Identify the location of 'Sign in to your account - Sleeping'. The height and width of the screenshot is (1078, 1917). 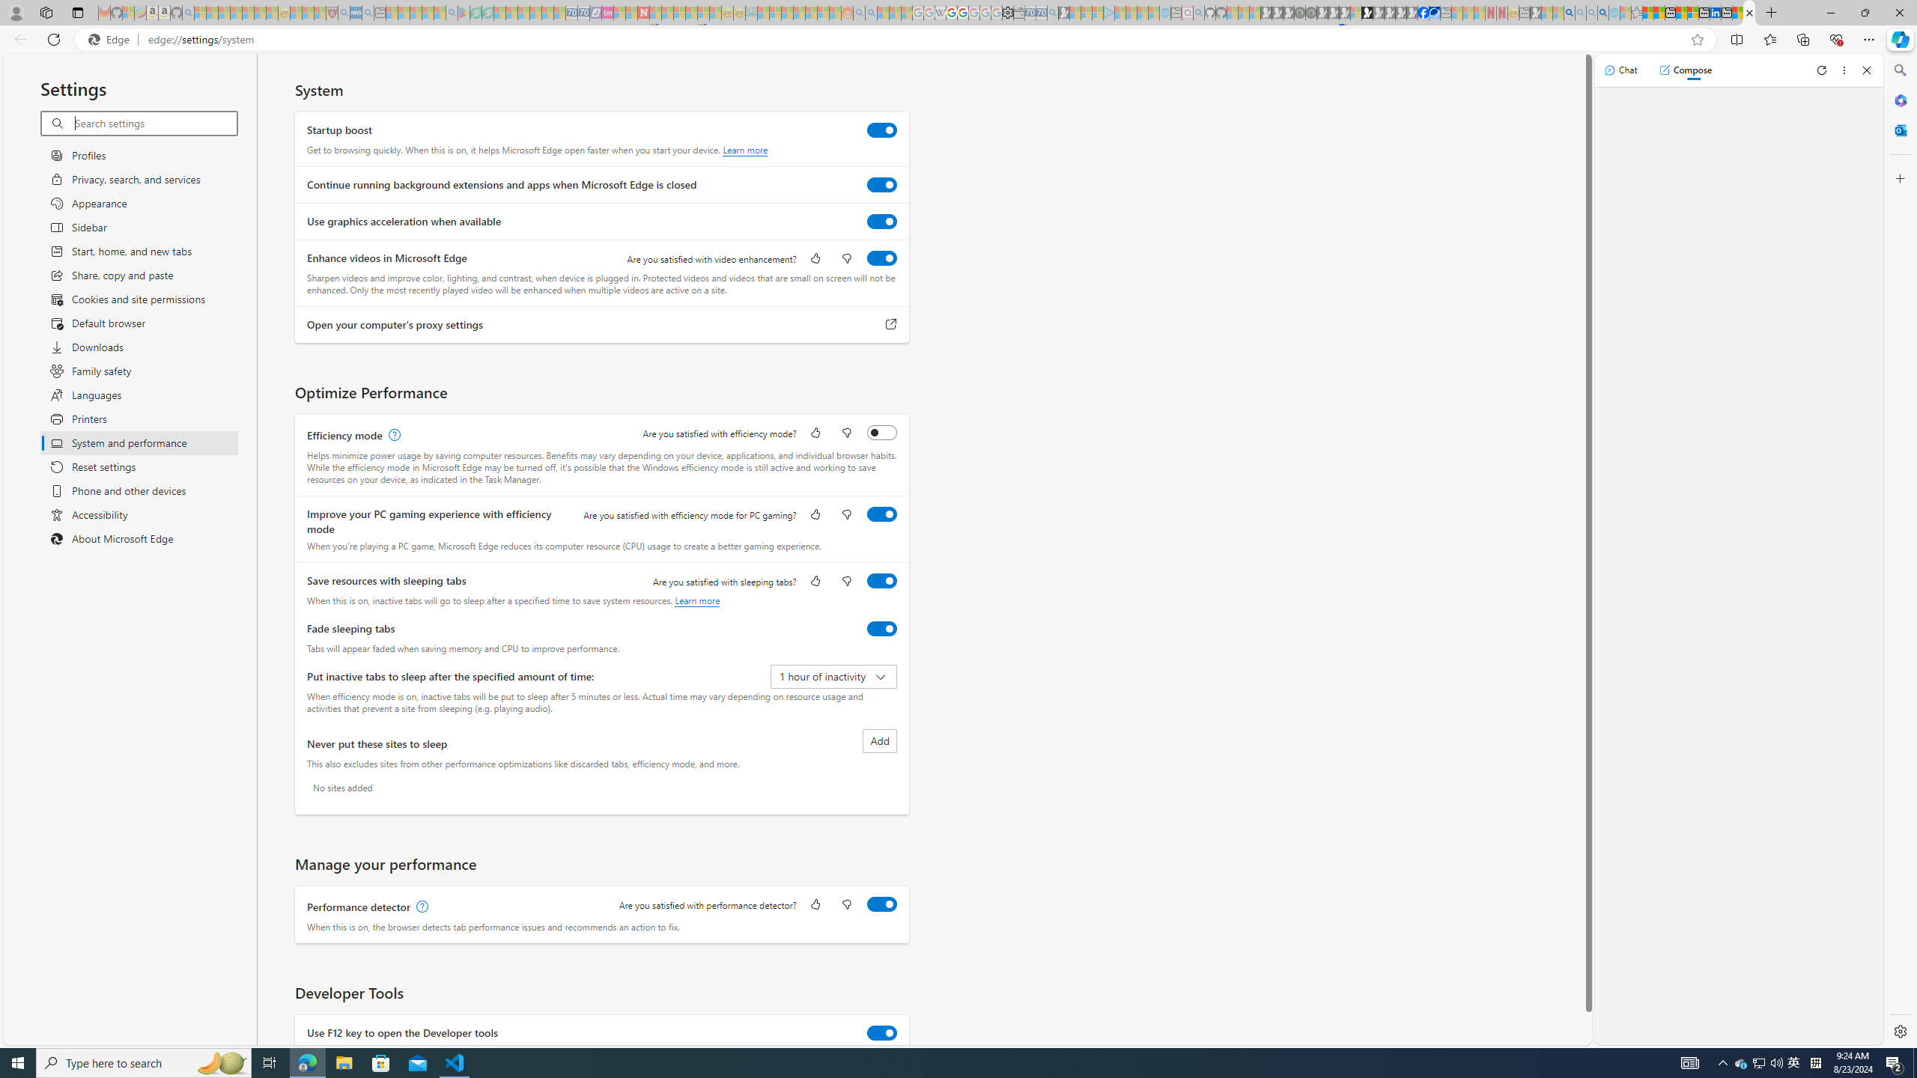
(1355, 12).